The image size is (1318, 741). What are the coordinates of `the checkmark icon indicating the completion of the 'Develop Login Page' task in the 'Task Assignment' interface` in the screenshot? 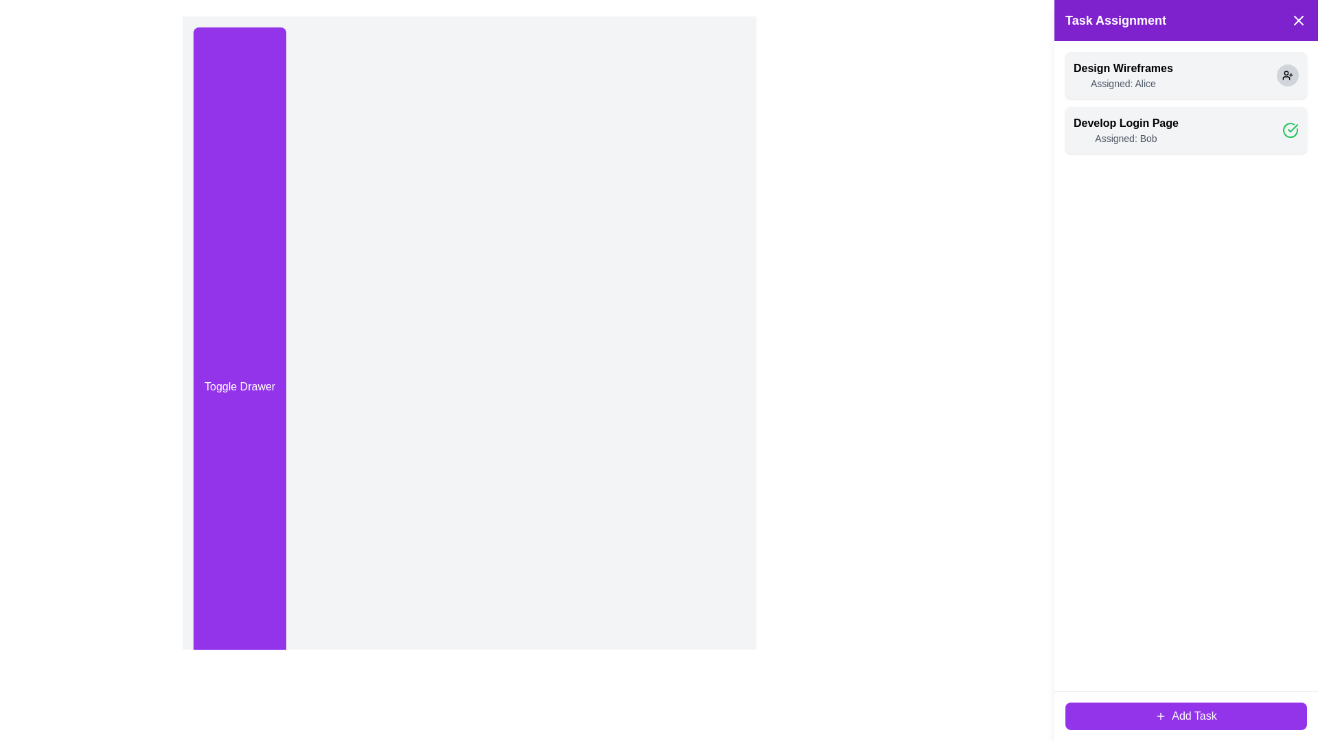 It's located at (1292, 128).